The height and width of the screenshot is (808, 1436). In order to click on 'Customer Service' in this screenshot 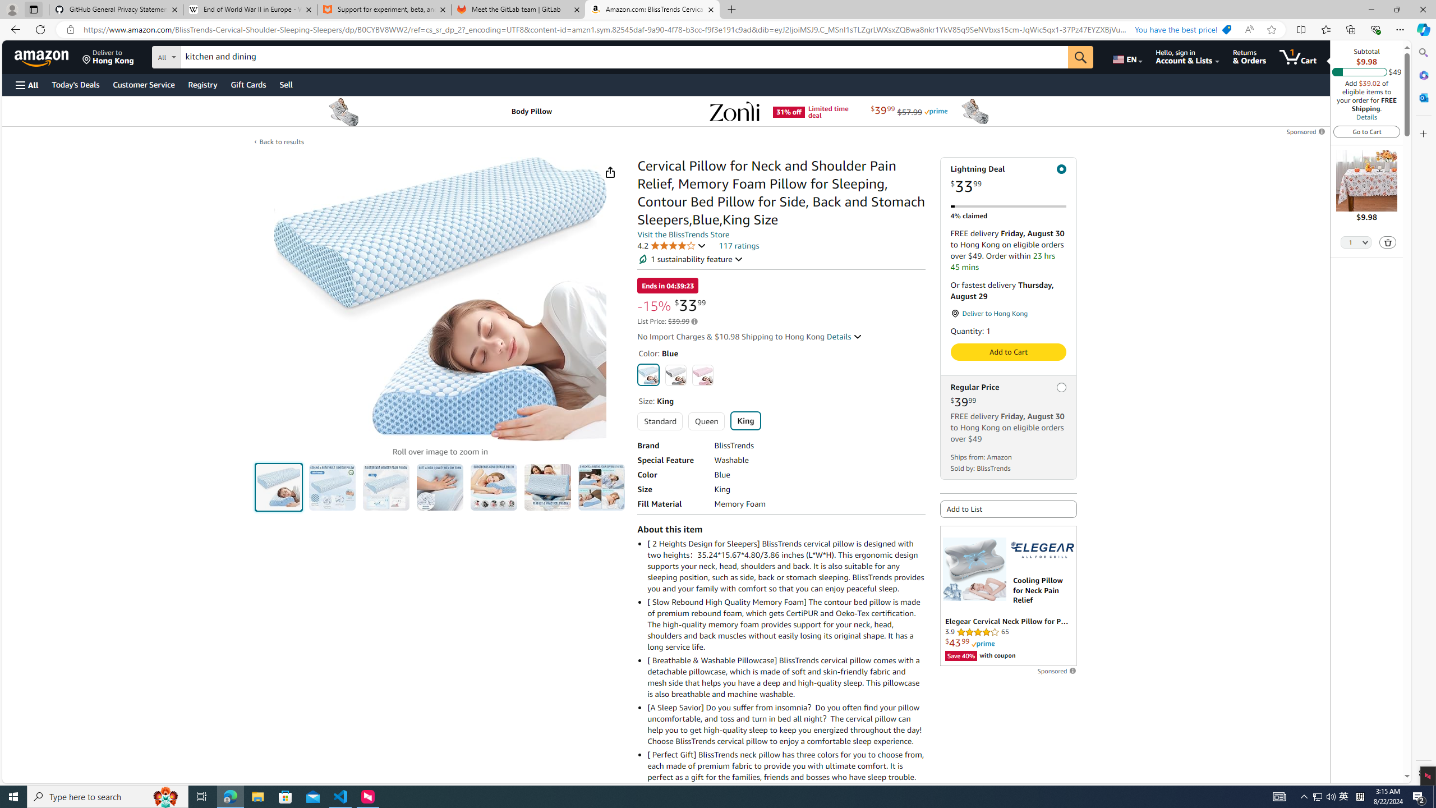, I will do `click(144, 84)`.